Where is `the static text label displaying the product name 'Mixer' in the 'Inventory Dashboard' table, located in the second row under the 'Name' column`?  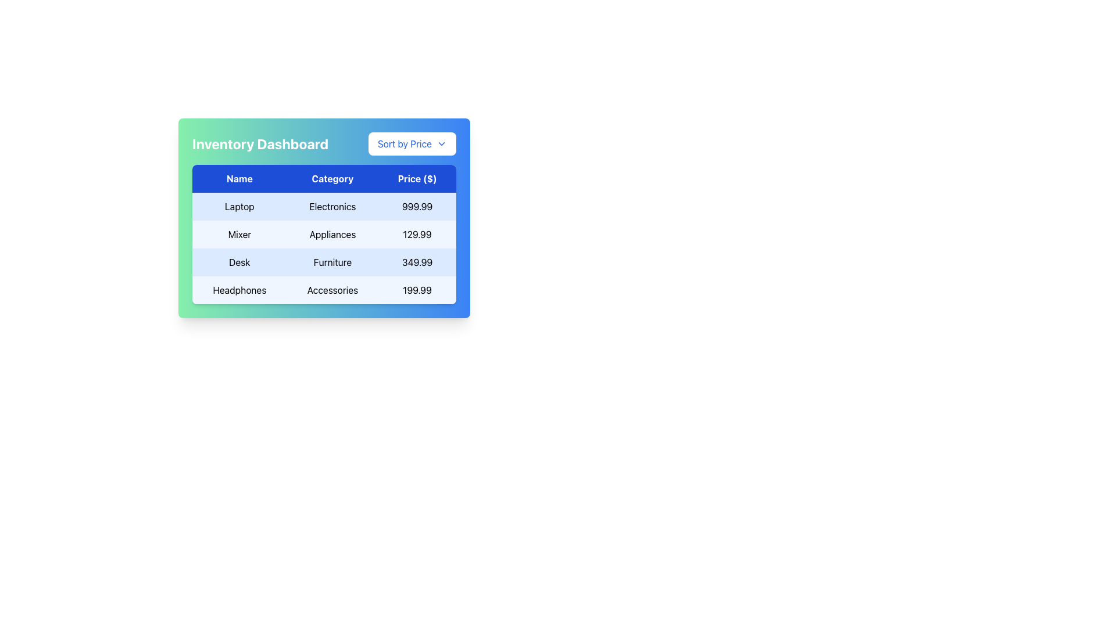
the static text label displaying the product name 'Mixer' in the 'Inventory Dashboard' table, located in the second row under the 'Name' column is located at coordinates (239, 235).